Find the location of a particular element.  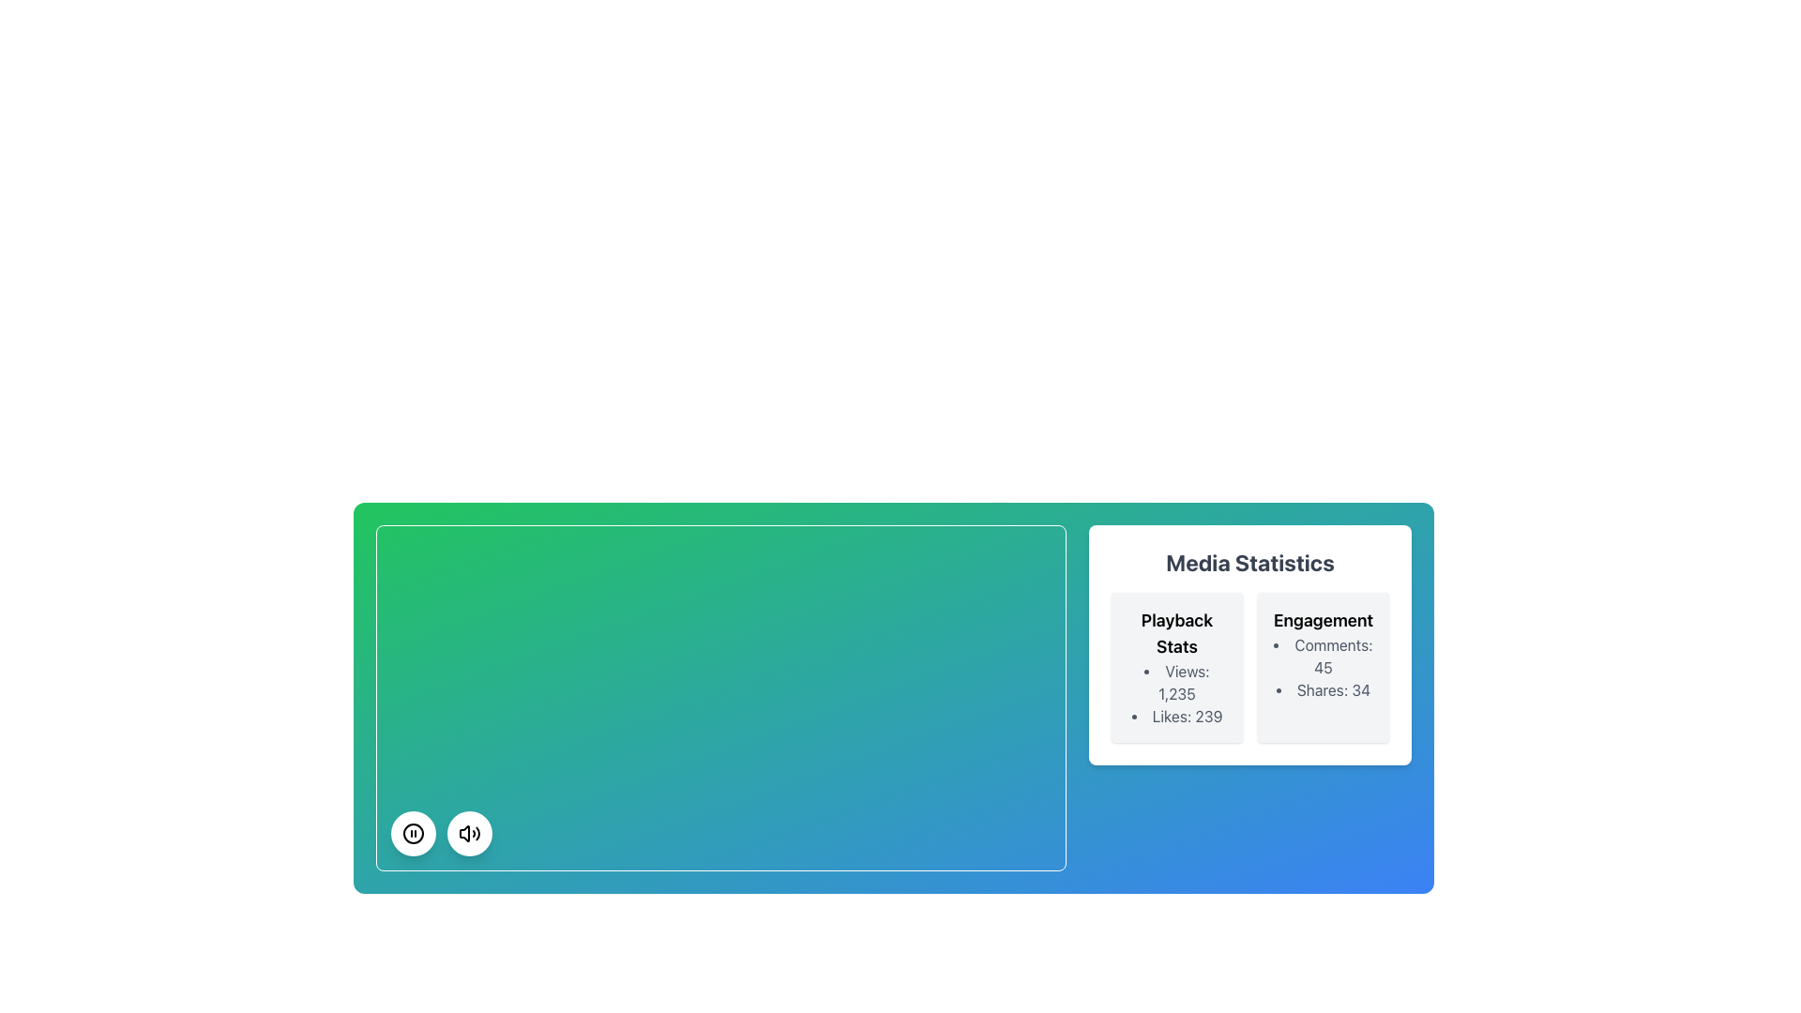

number of views displayed in the Text Display element located above the 'Likes: 239' text in the lower half of the 'Playback Stats' section of the 'Media Statistics' panel is located at coordinates (1175, 683).